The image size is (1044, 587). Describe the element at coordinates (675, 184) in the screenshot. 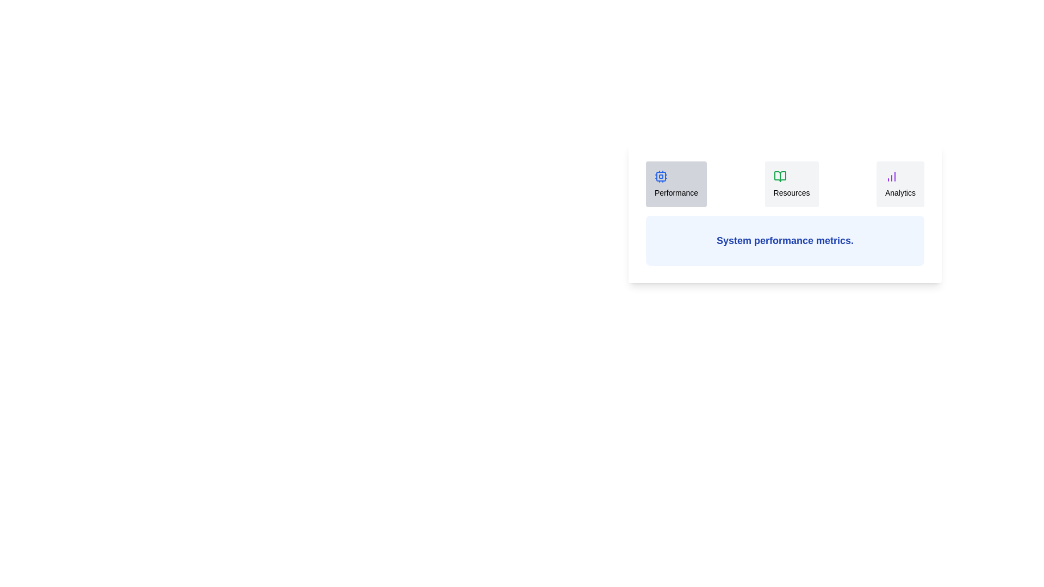

I see `the tab labeled Performance to inspect its layout` at that location.